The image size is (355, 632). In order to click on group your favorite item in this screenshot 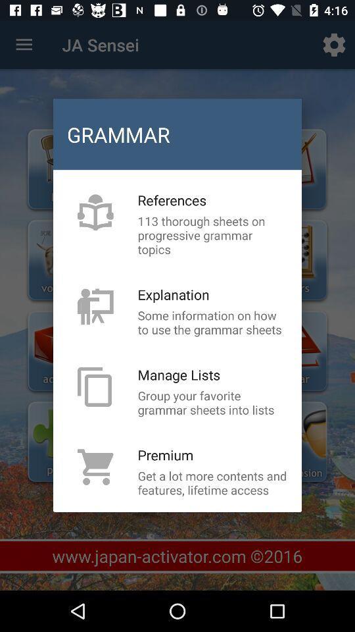, I will do `click(212, 402)`.